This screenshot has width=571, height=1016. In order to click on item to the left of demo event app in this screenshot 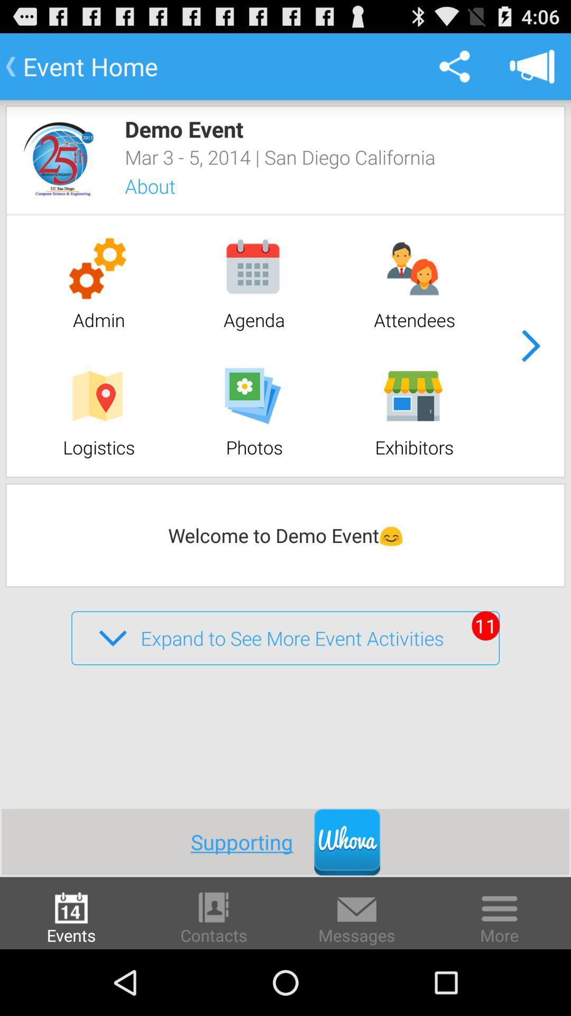, I will do `click(59, 158)`.